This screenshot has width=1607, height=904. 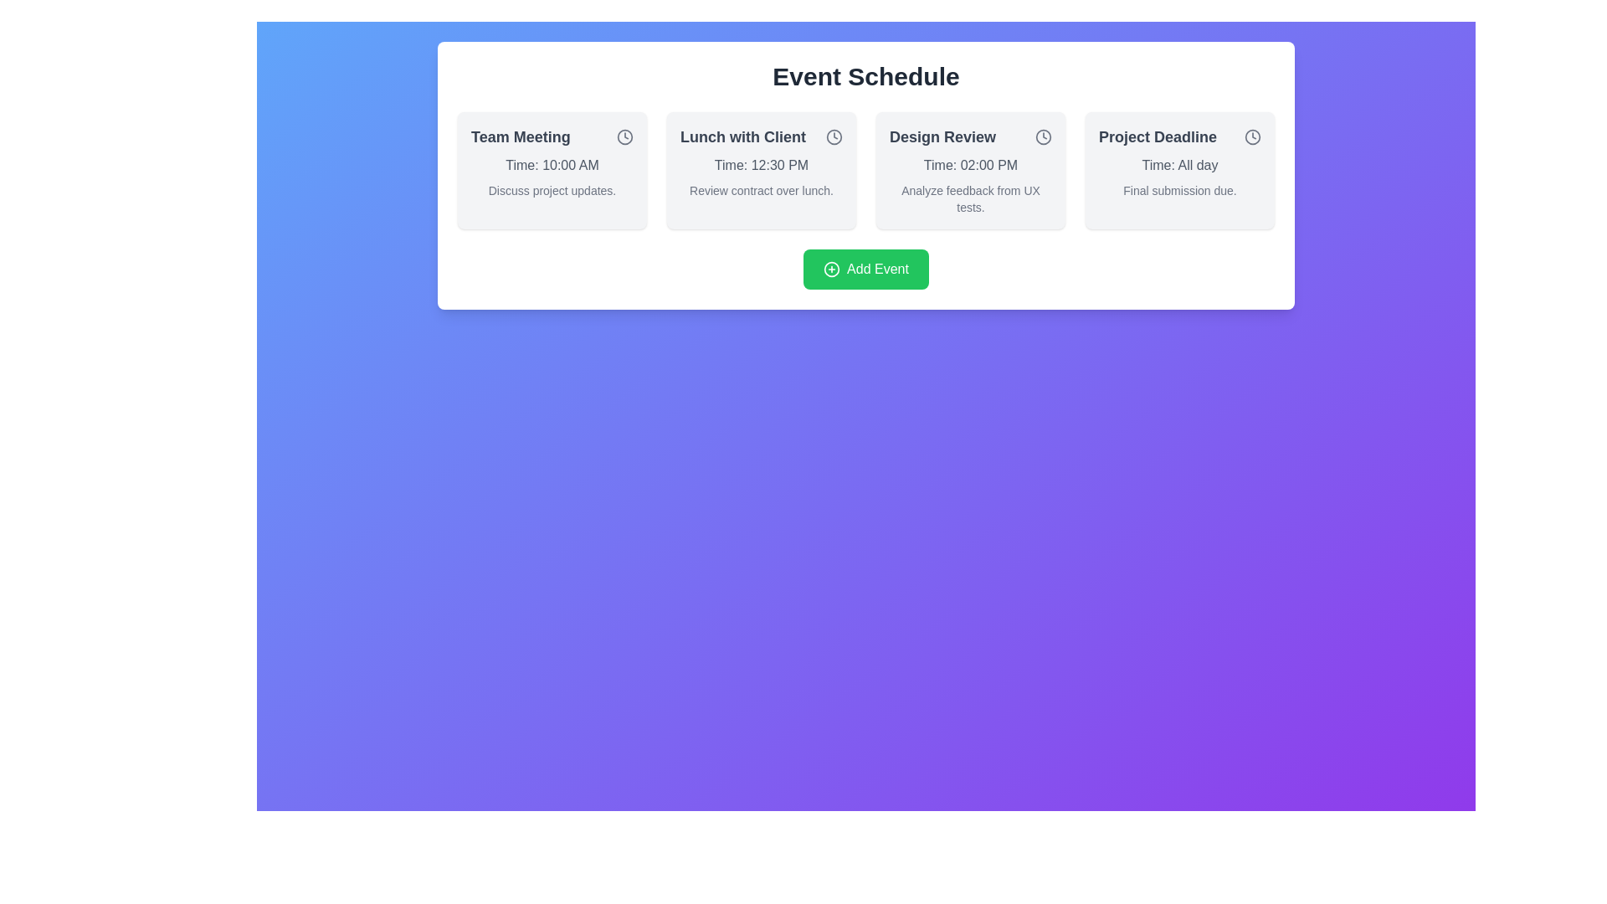 What do you see at coordinates (1253, 136) in the screenshot?
I see `the clock icon located to the right of the 'Project Deadline' text in the last column of the event schedule card` at bounding box center [1253, 136].